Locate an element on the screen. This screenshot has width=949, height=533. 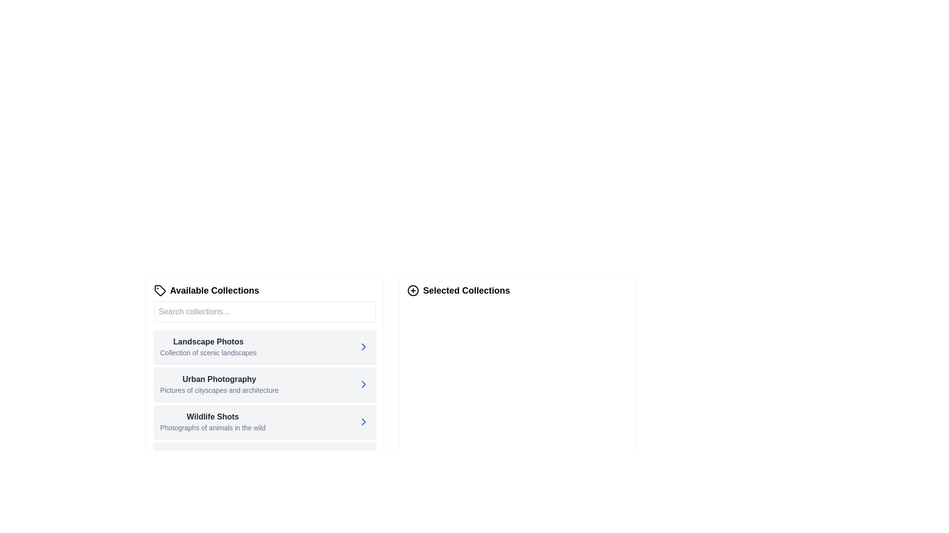
the right-facing blue chevron icon used for navigation, located at the far-right of the 'Landscape Photos' item in the 'Available Collections' list is located at coordinates (363, 346).